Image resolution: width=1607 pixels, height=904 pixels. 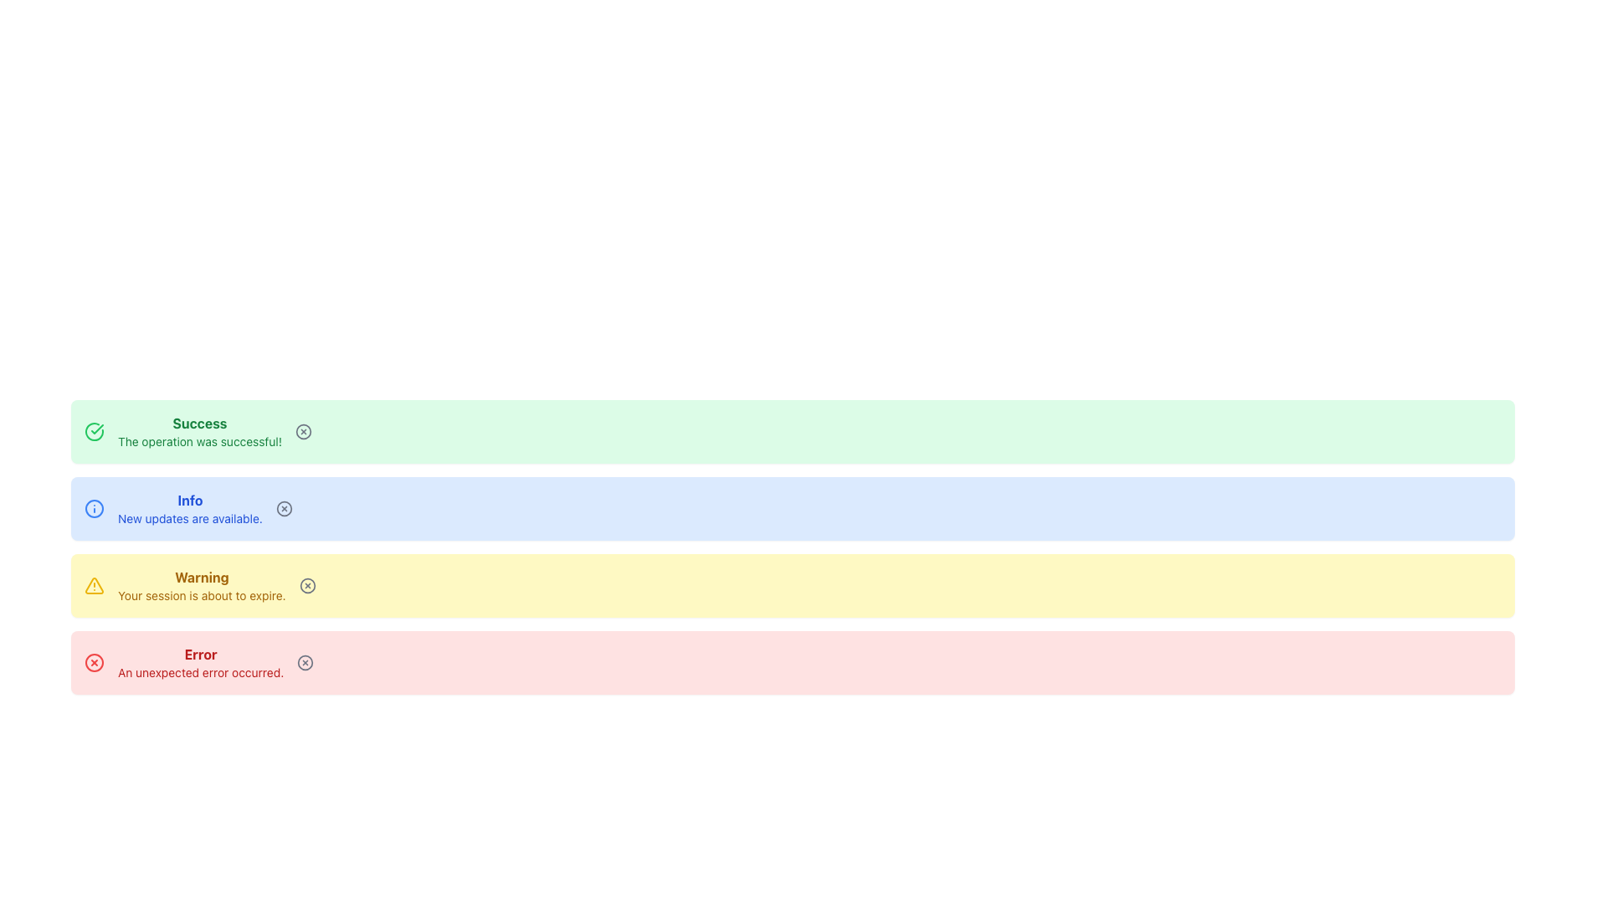 I want to click on the small circle SVG component, which represents the close action within the 'Info' notification section, so click(x=284, y=508).